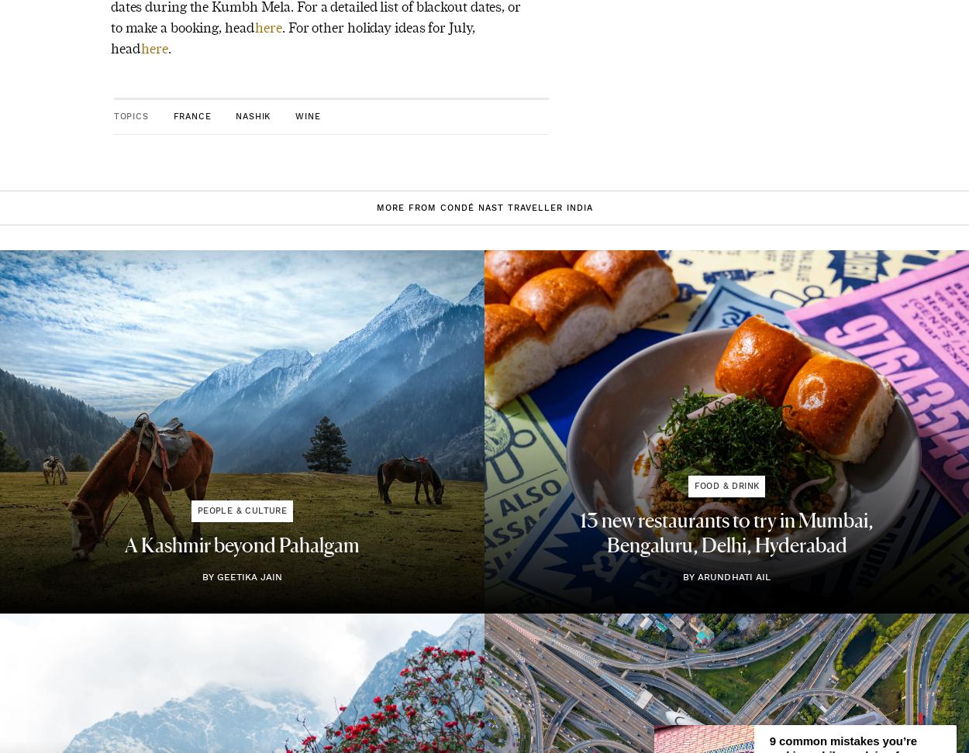  Describe the element at coordinates (168, 47) in the screenshot. I see `'.'` at that location.